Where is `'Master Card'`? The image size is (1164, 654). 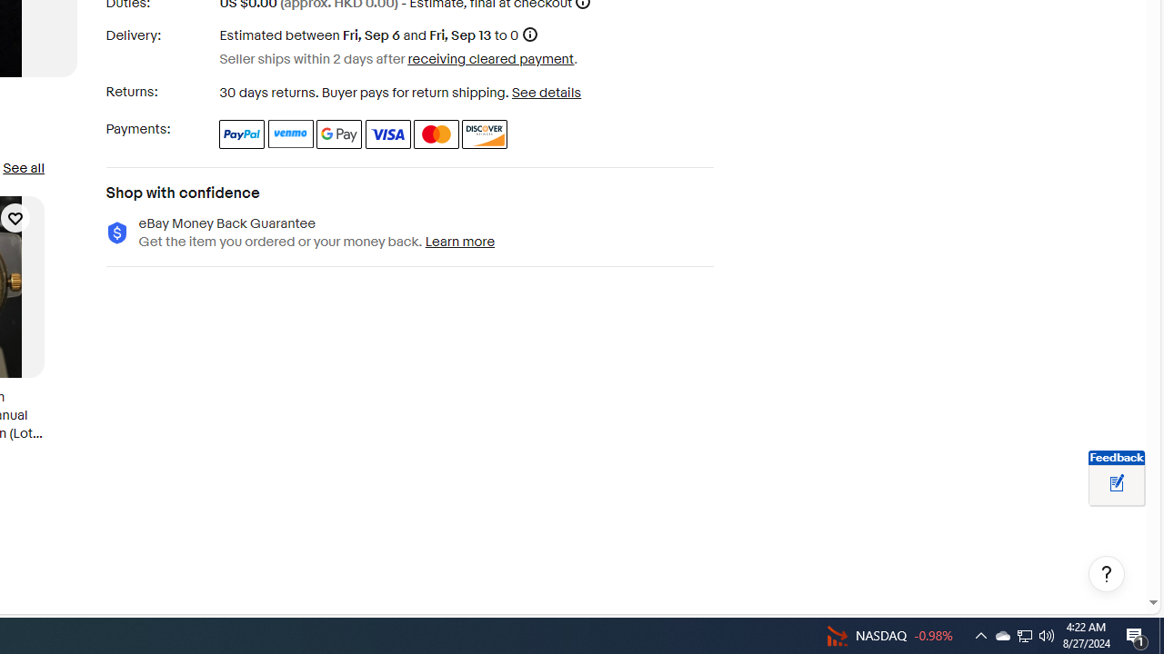 'Master Card' is located at coordinates (436, 133).